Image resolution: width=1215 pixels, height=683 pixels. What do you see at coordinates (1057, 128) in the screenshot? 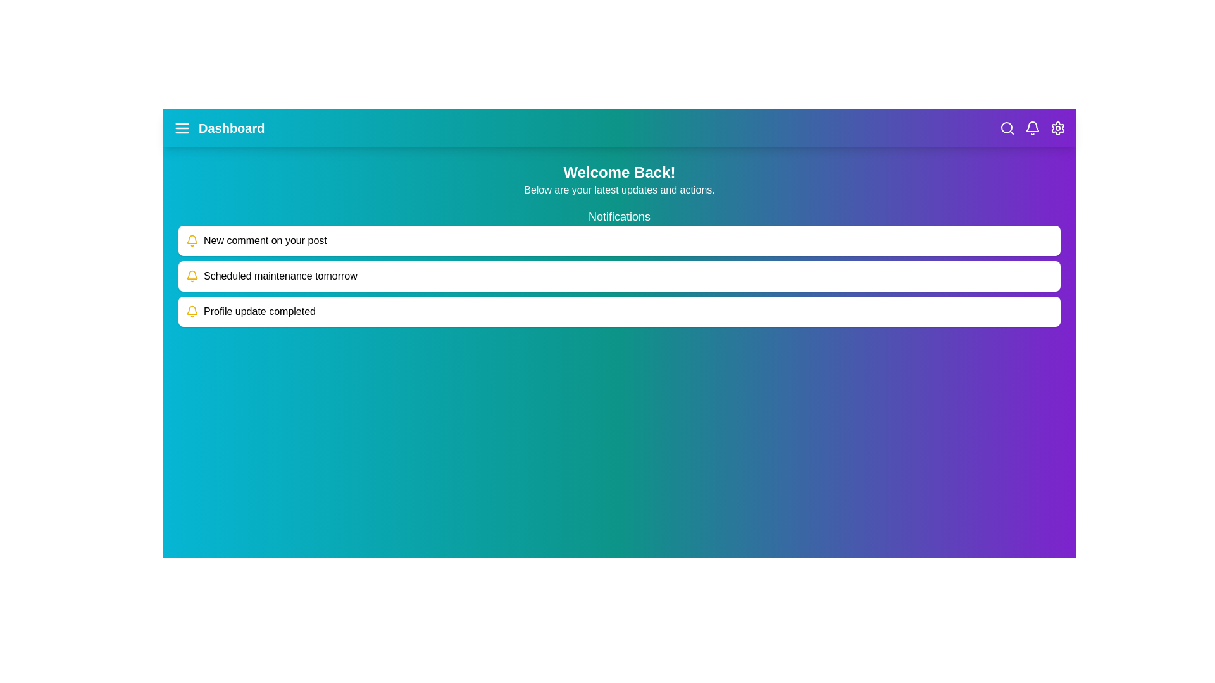
I see `the settings icon to open the settings menu` at bounding box center [1057, 128].